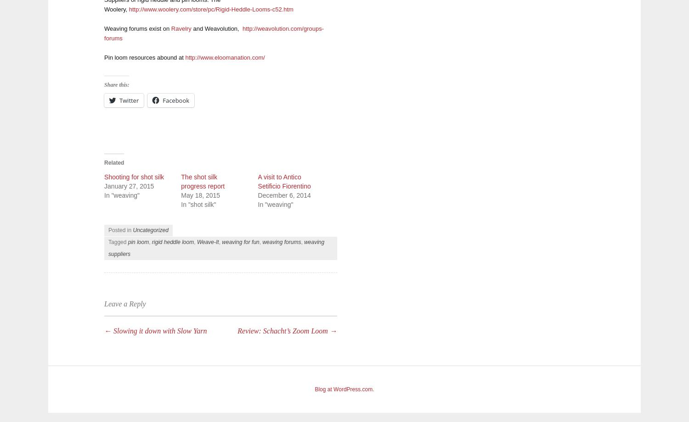 Image resolution: width=689 pixels, height=422 pixels. I want to click on 'Blog at WordPress.com.', so click(344, 388).